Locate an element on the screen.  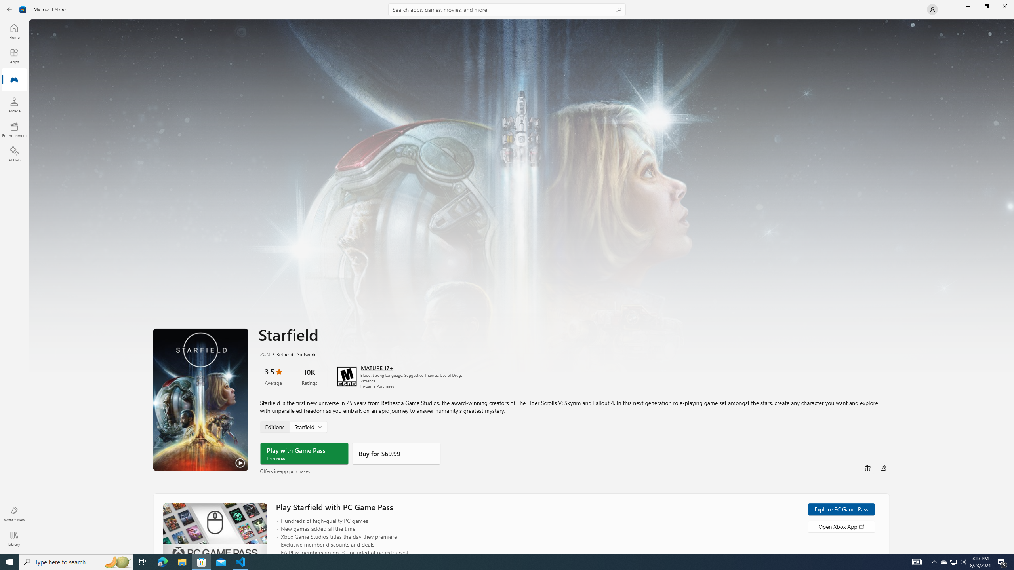
'Back' is located at coordinates (10, 9).